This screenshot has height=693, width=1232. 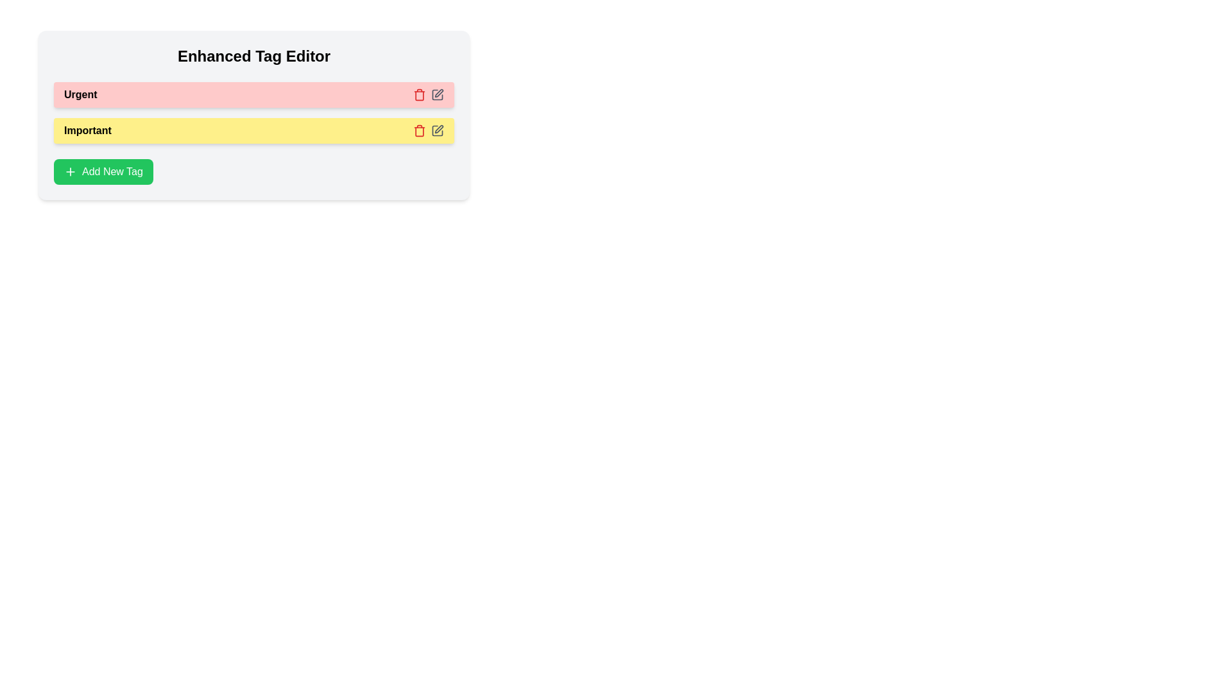 What do you see at coordinates (439, 129) in the screenshot?
I see `the vector graphic icon resembling a pen tool, which is located in the top-right corner of the yellow-highlighted 'Important' tag within the list of tags` at bounding box center [439, 129].